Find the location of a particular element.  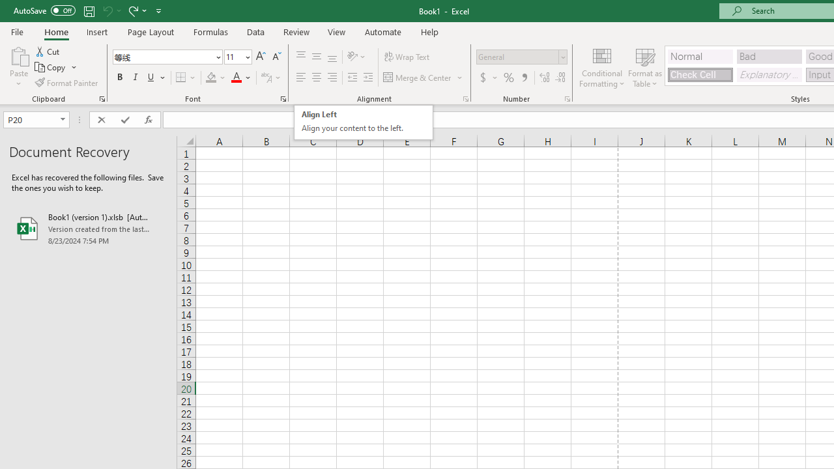

'Paste' is located at coordinates (18, 55).